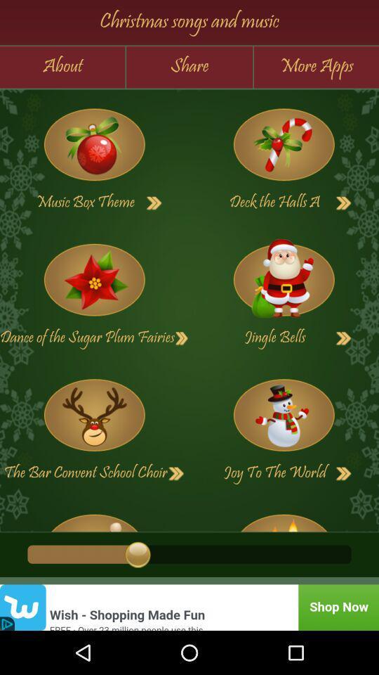  What do you see at coordinates (284, 415) in the screenshot?
I see `game` at bounding box center [284, 415].